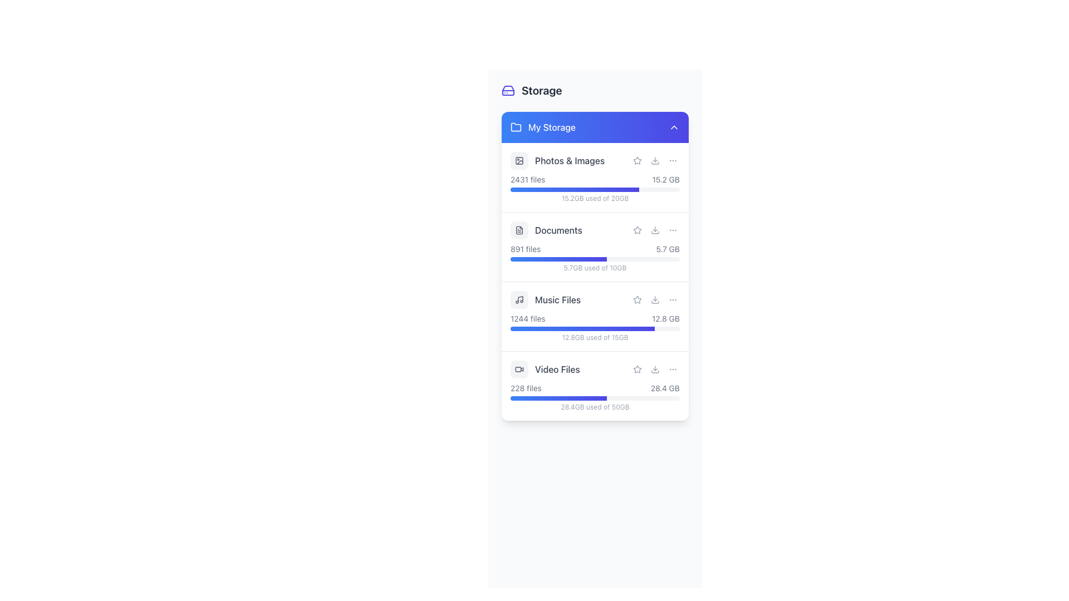 Image resolution: width=1069 pixels, height=601 pixels. What do you see at coordinates (558, 398) in the screenshot?
I see `the progress bar segment representing 56.8% storage usage for 'Video Files' within the 'Storage' interface` at bounding box center [558, 398].